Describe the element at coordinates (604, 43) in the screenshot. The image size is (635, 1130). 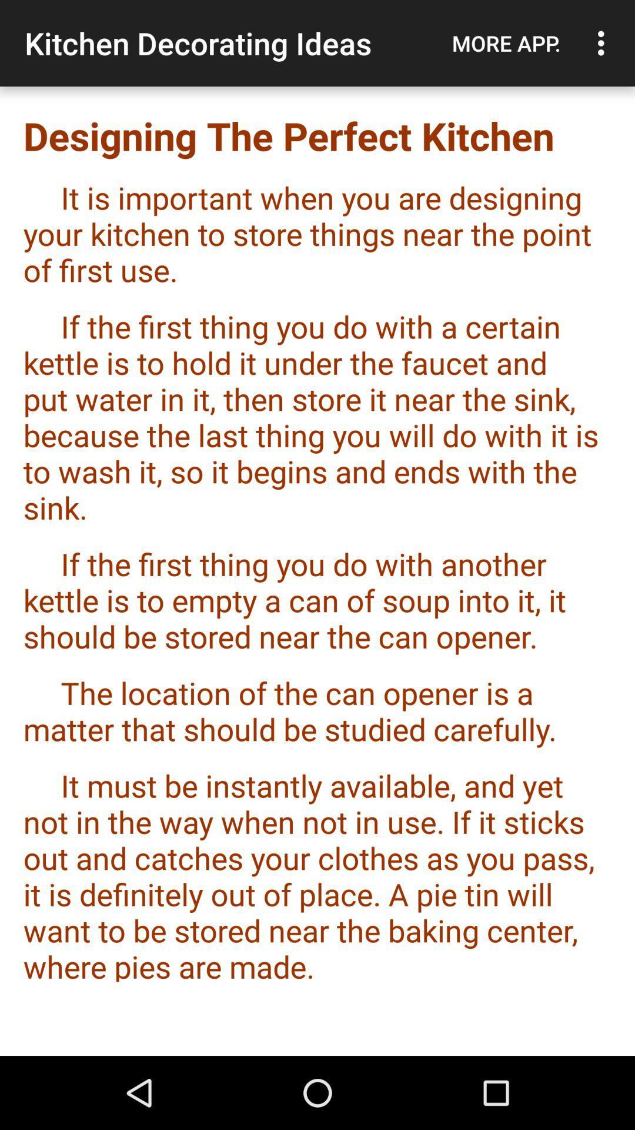
I see `the icon to the right of the more app.` at that location.